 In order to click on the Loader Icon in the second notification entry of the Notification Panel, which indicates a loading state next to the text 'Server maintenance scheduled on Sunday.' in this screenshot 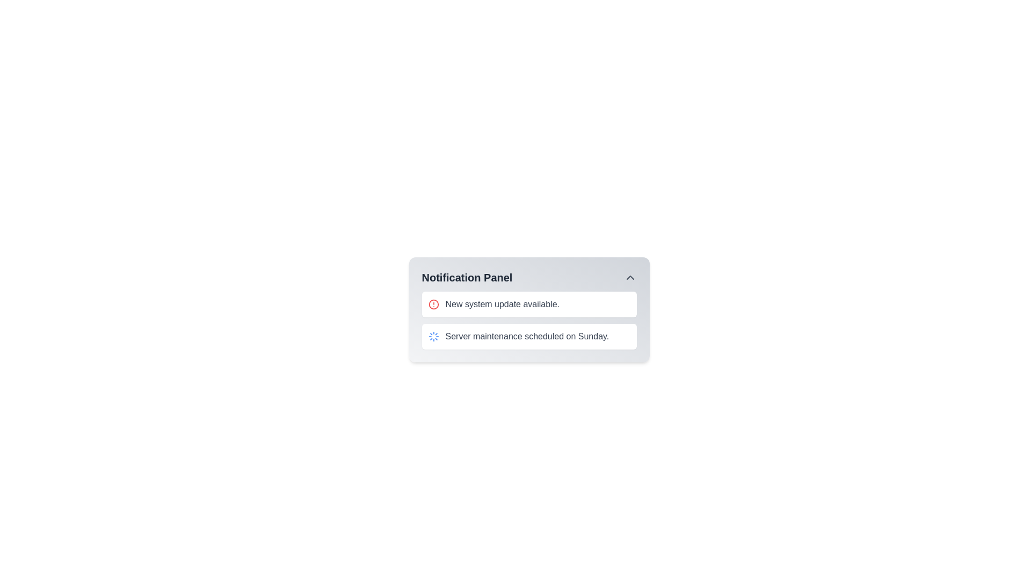, I will do `click(433, 336)`.